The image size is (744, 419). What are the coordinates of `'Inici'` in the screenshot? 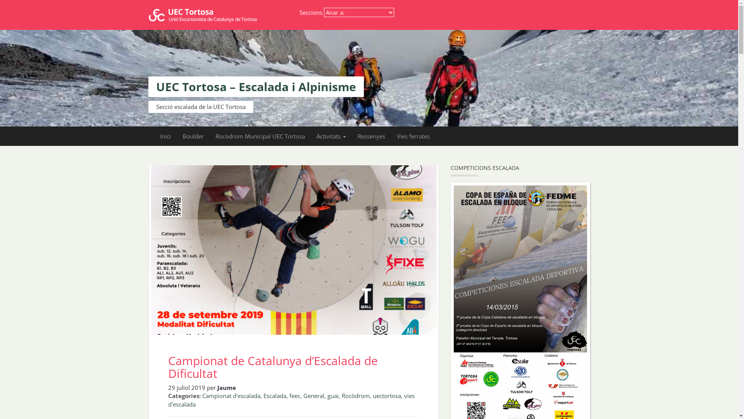 It's located at (154, 136).